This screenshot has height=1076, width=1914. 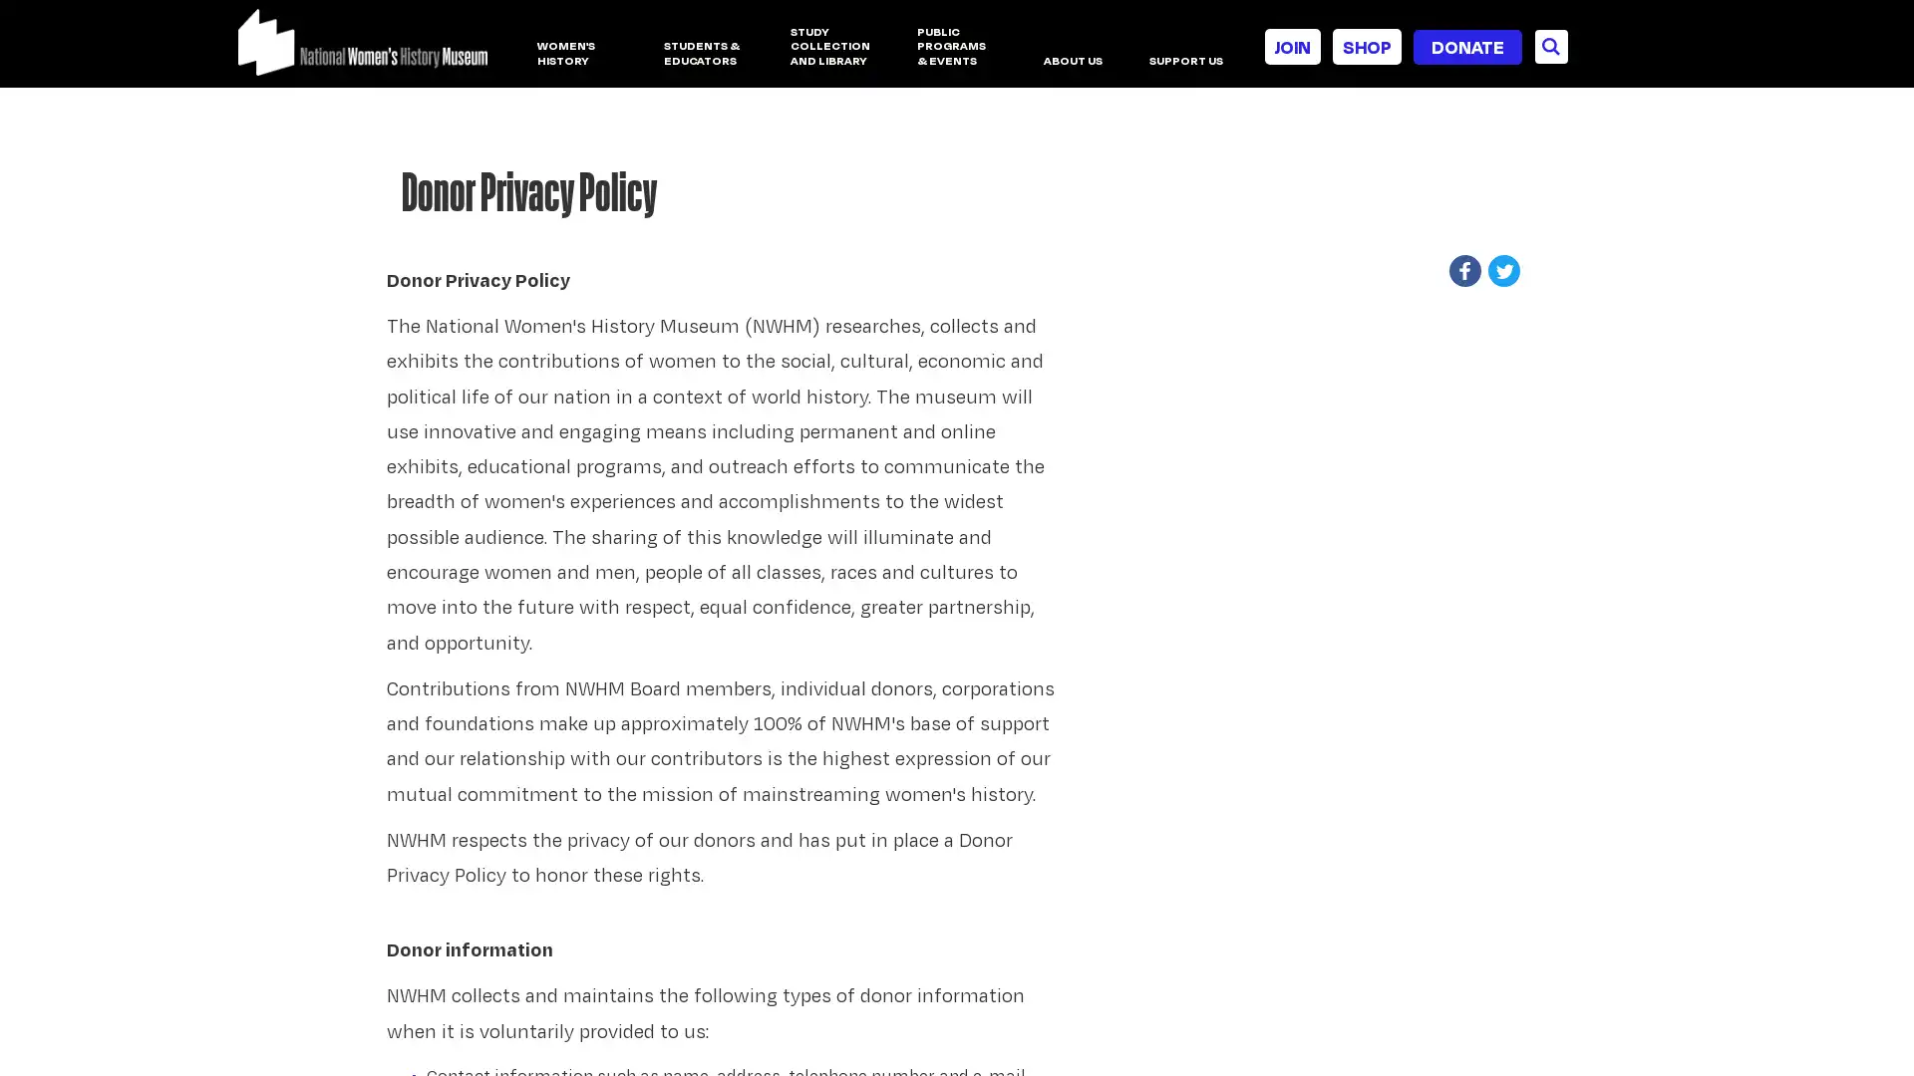 I want to click on Share to Facebook, so click(x=1471, y=271).